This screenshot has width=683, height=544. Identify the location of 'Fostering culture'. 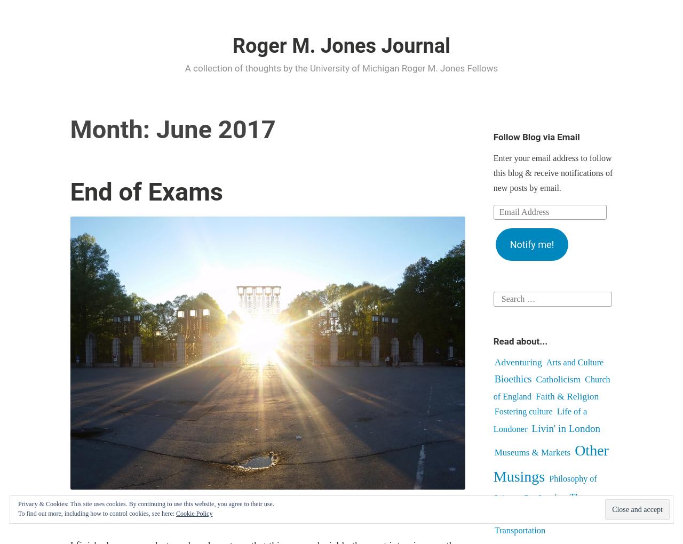
(523, 411).